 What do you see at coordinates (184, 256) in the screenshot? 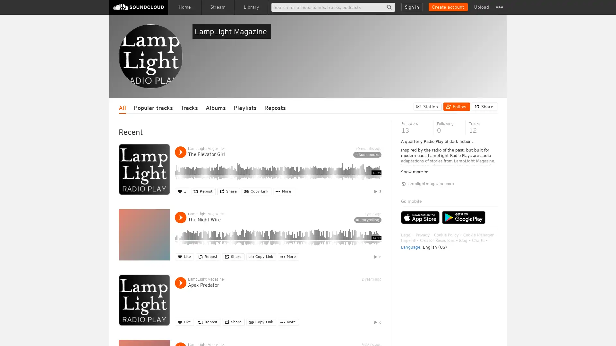
I see `Like` at bounding box center [184, 256].